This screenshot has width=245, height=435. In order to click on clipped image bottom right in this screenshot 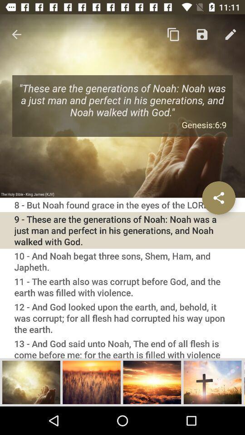, I will do `click(244, 382)`.